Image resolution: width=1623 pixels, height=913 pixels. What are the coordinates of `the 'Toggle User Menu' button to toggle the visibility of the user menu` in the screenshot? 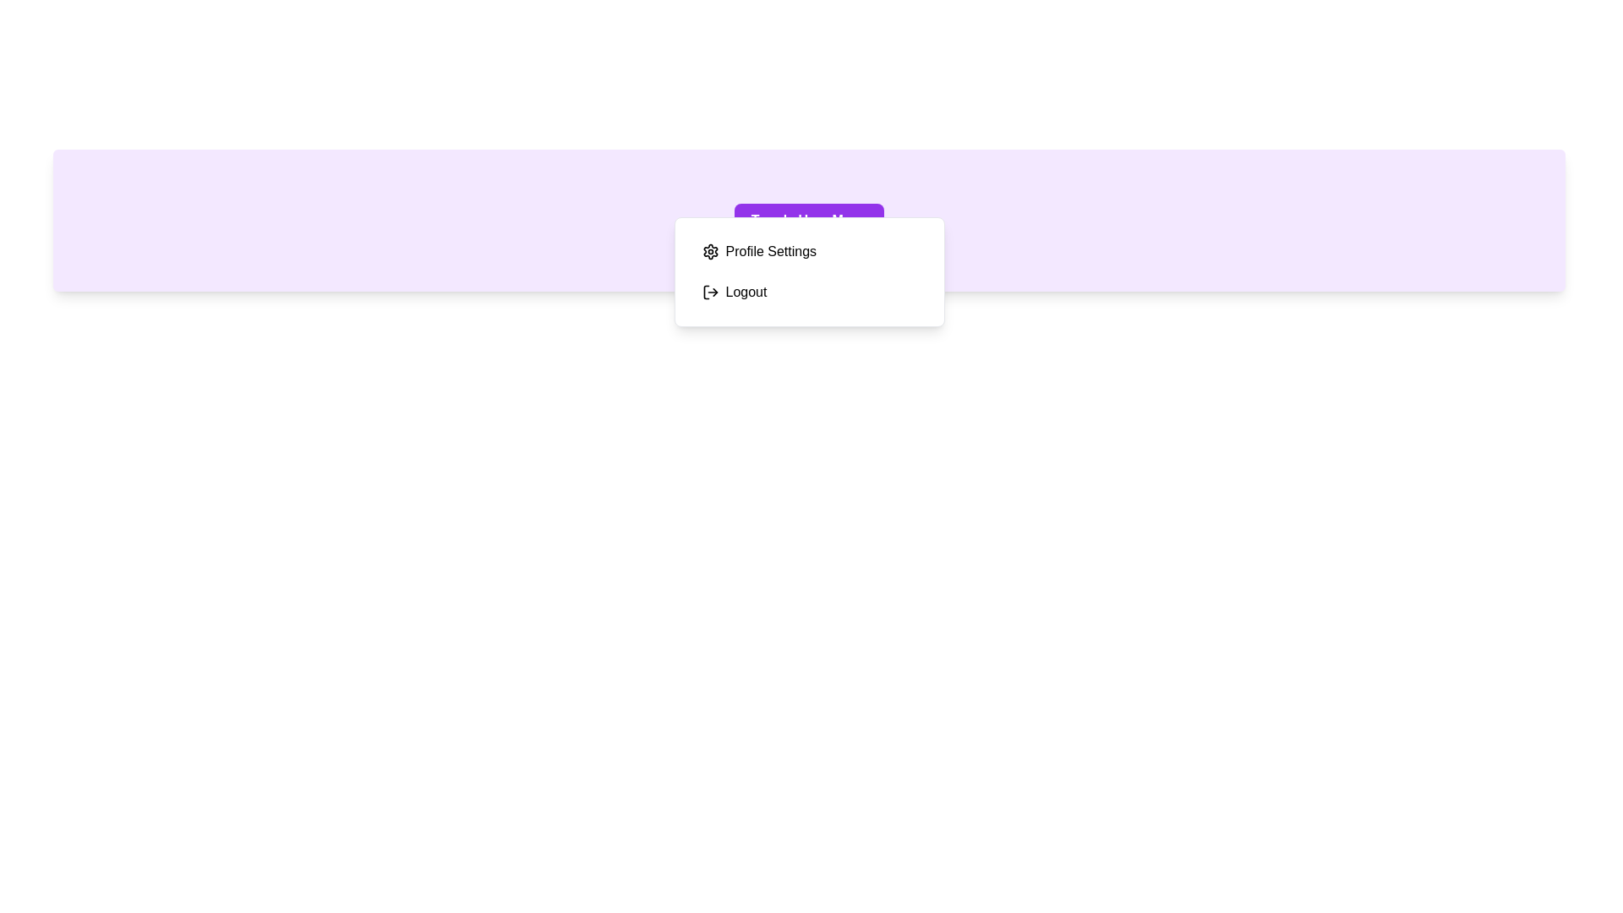 It's located at (808, 220).